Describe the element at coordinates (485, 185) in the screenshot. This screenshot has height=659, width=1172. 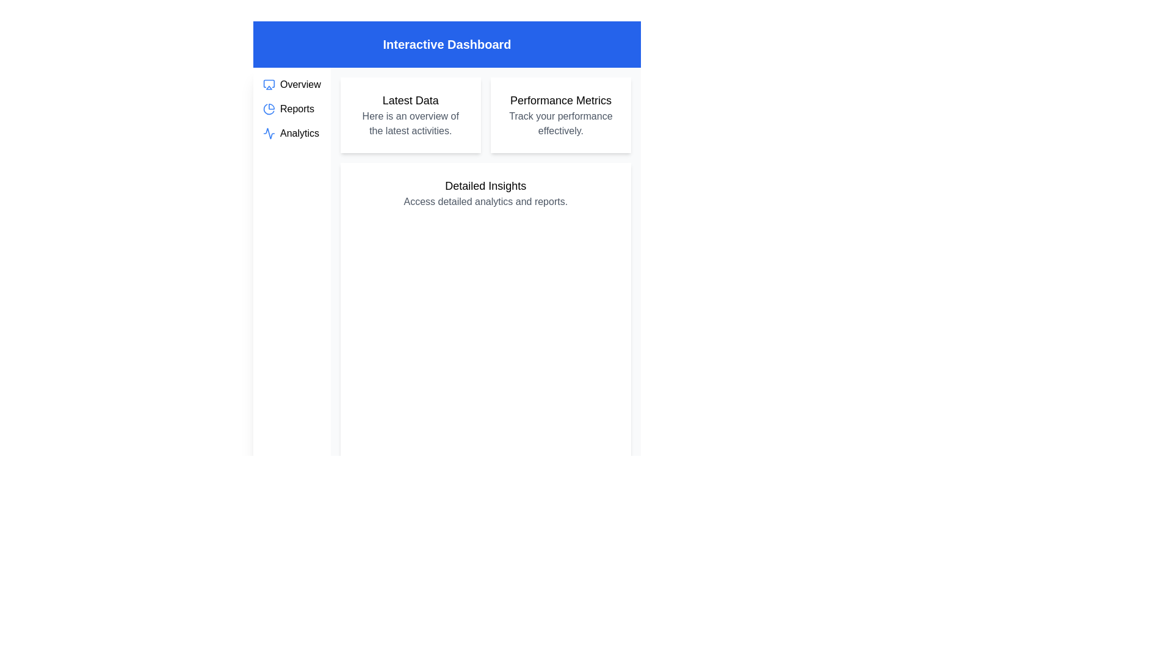
I see `text of the header element titled 'Detailed Insights' which is styled in a larger, bold font and located at the top of the card-like section` at that location.